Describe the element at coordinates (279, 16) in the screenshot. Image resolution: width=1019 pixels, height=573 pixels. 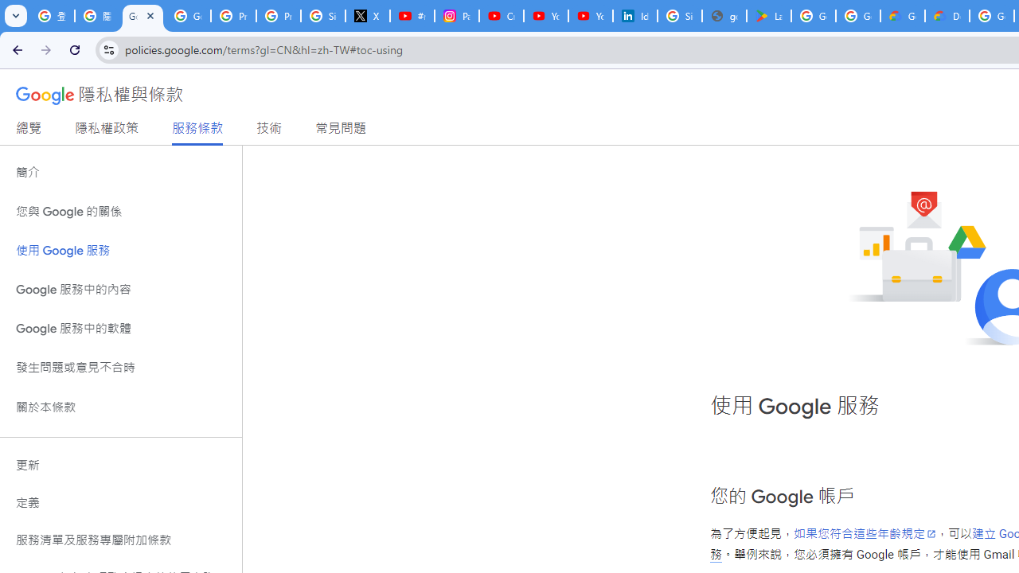
I see `'Privacy Help Center - Policies Help'` at that location.